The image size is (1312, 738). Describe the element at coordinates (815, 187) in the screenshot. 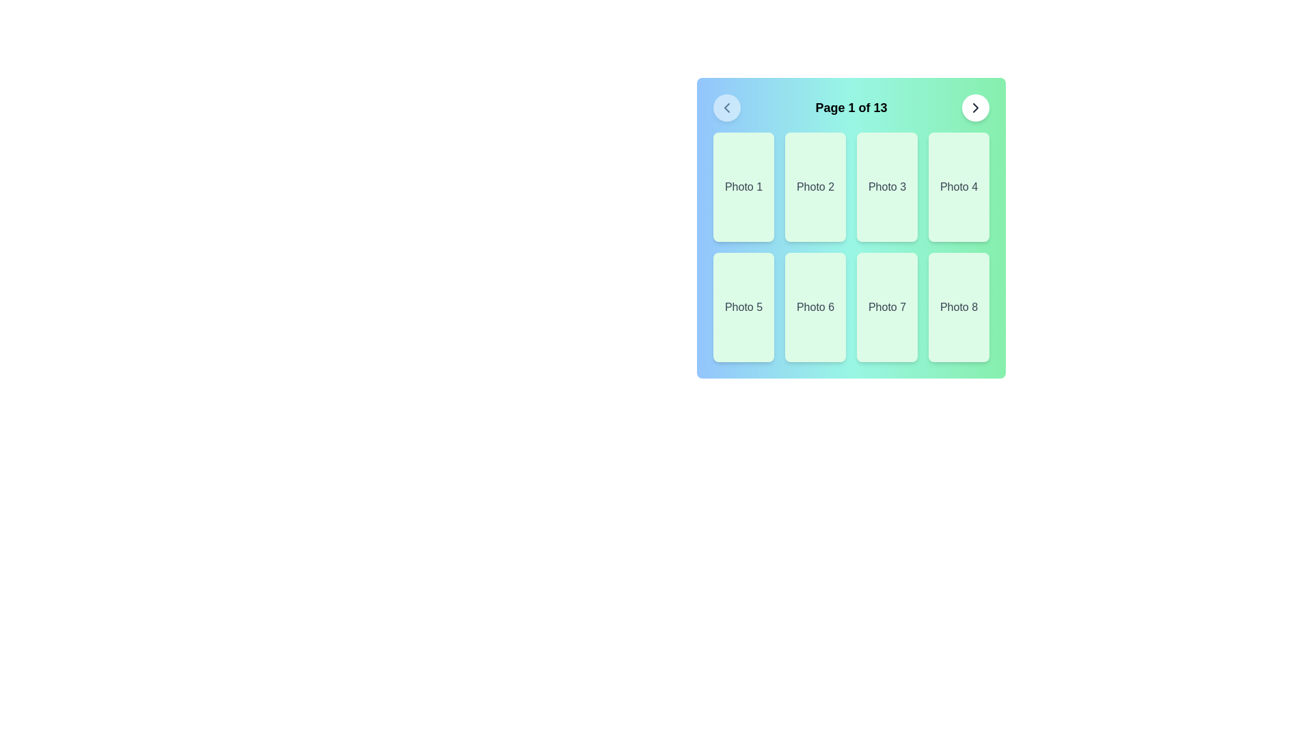

I see `the rectangular card with rounded edges that has a light green background and the text 'Photo 2' in dark gray` at that location.